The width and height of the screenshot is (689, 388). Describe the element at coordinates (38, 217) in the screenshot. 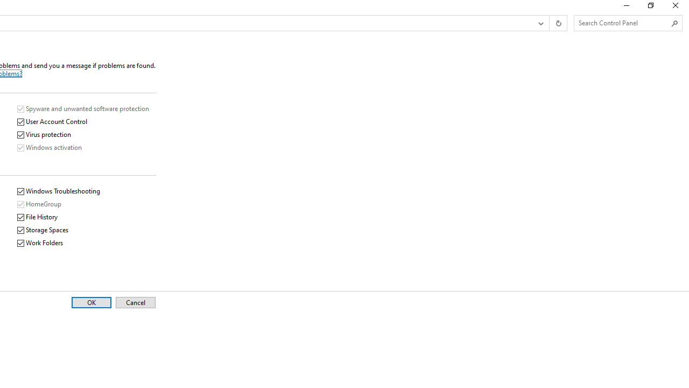

I see `'File History'` at that location.